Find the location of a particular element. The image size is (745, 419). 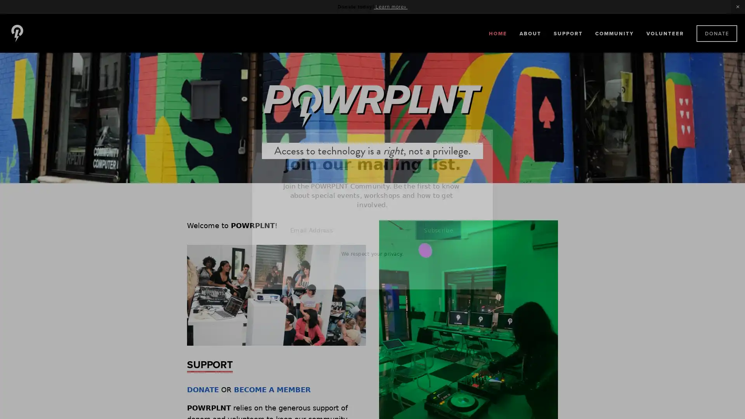

Subscribe is located at coordinates (438, 230).